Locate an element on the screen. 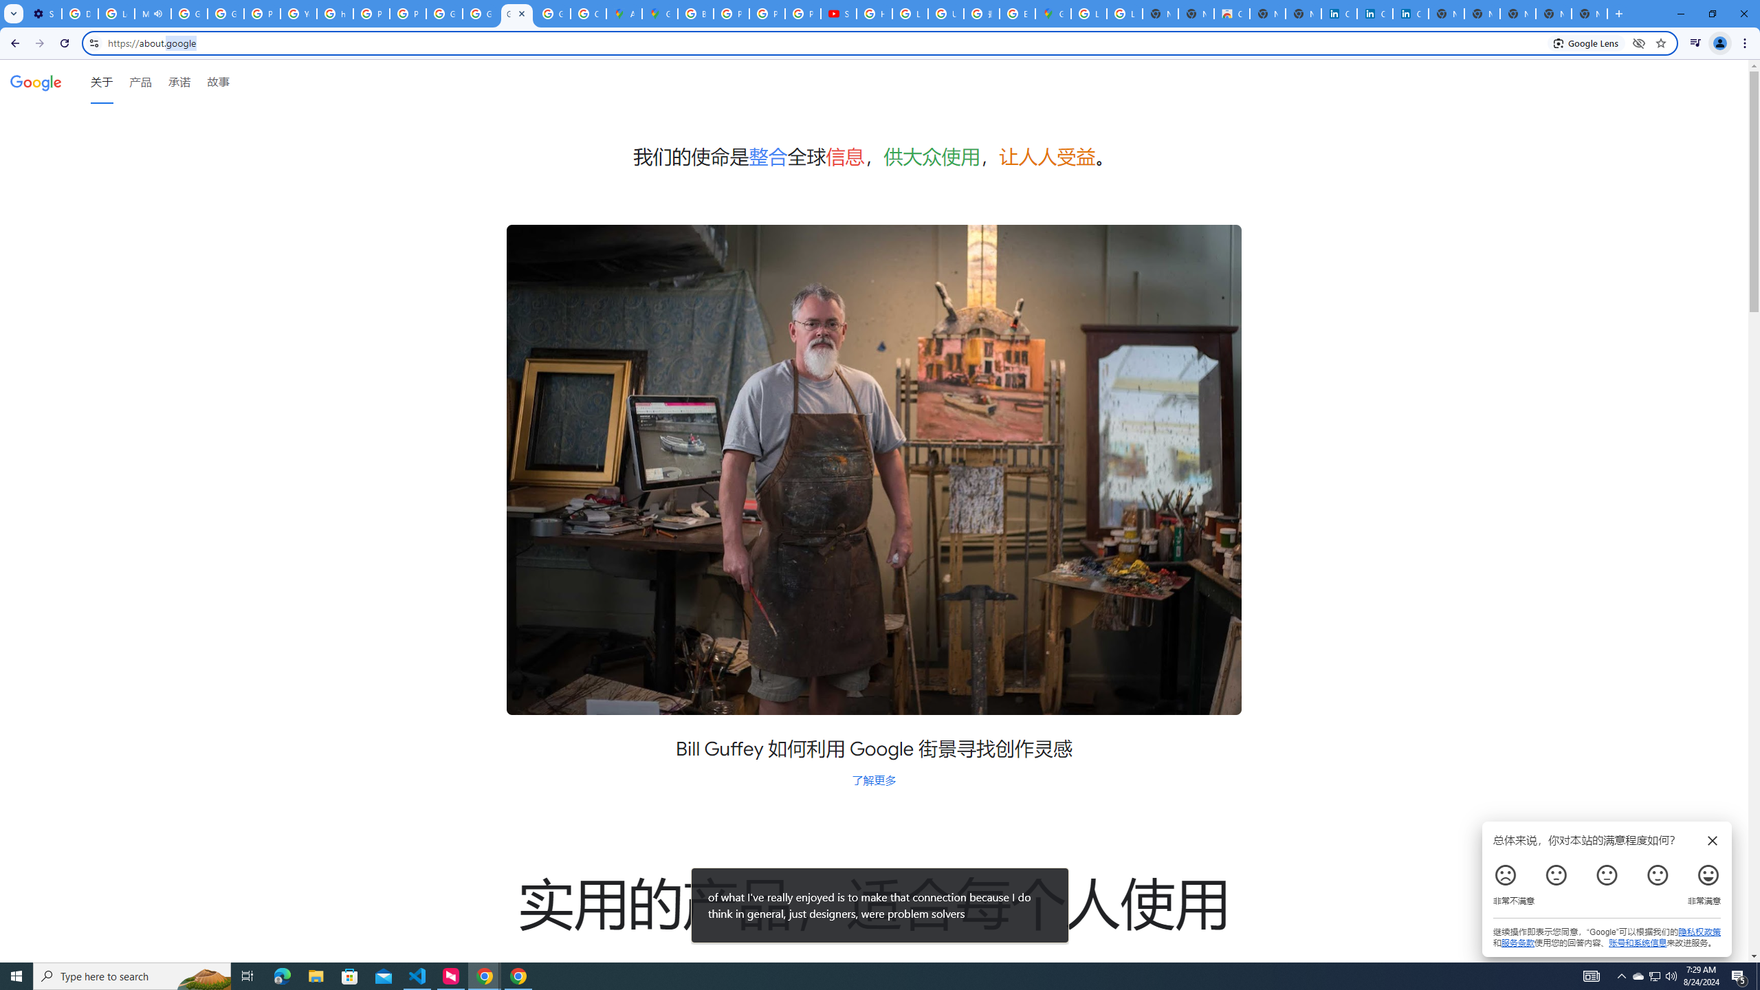 This screenshot has height=990, width=1760. 'Search with Google Lens' is located at coordinates (1585, 42).